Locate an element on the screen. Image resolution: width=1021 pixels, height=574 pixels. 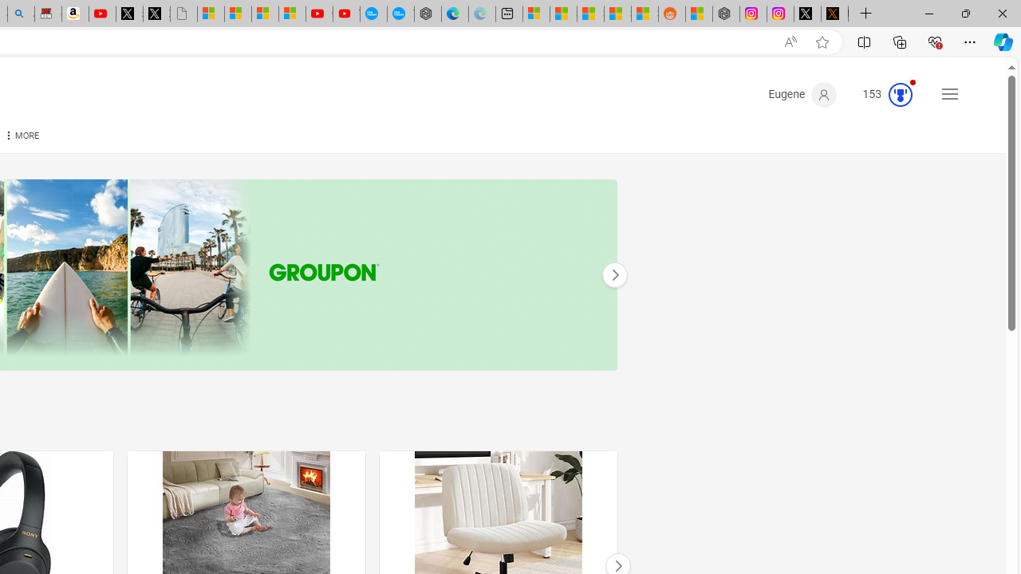
'Settings and more (Alt+F)' is located at coordinates (969, 41).